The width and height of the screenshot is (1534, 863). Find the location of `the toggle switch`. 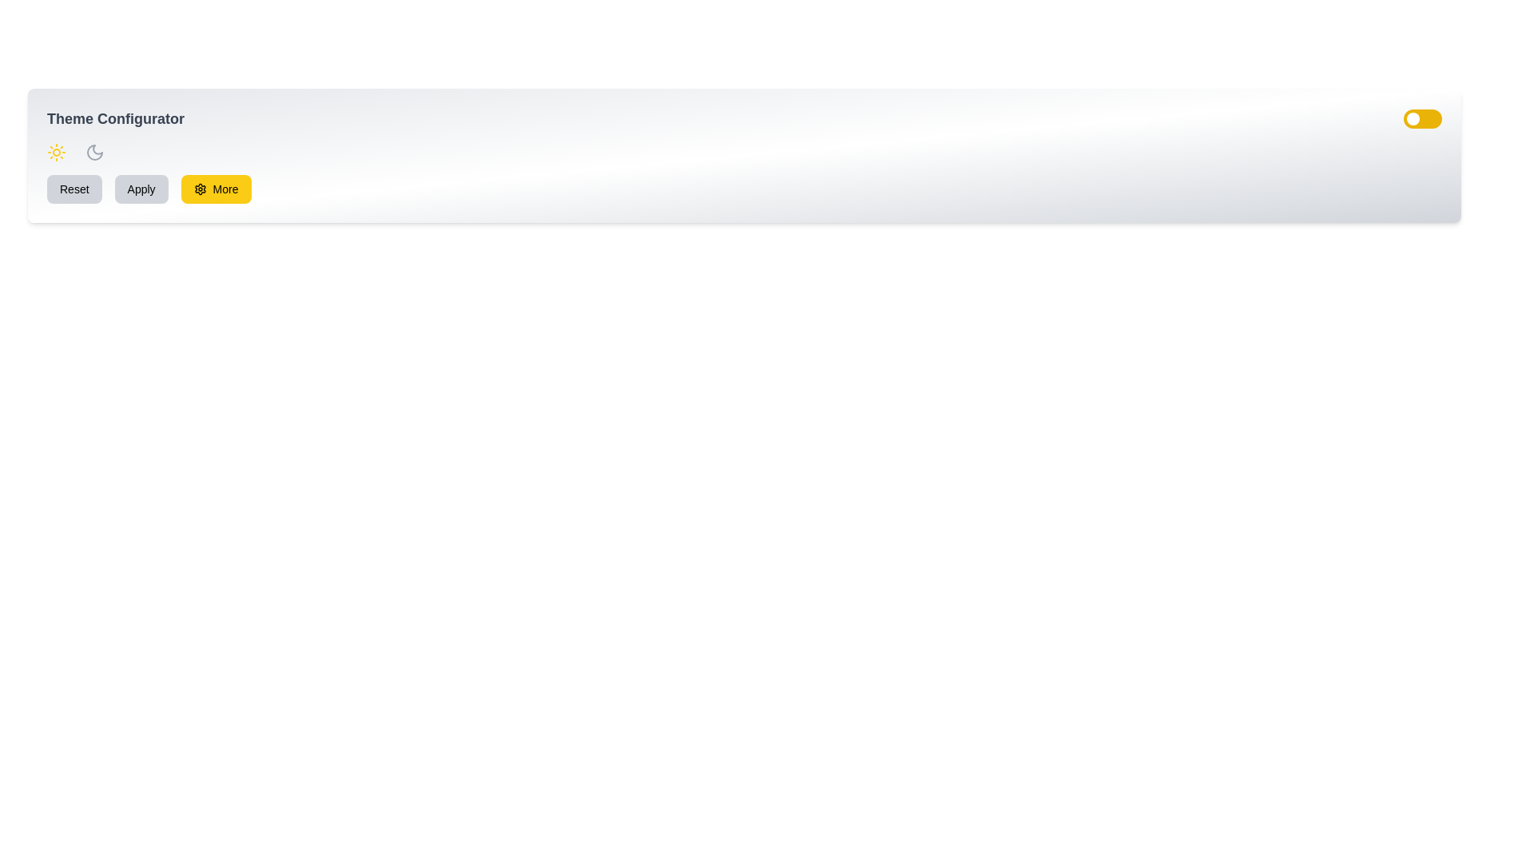

the toggle switch is located at coordinates (1410, 118).